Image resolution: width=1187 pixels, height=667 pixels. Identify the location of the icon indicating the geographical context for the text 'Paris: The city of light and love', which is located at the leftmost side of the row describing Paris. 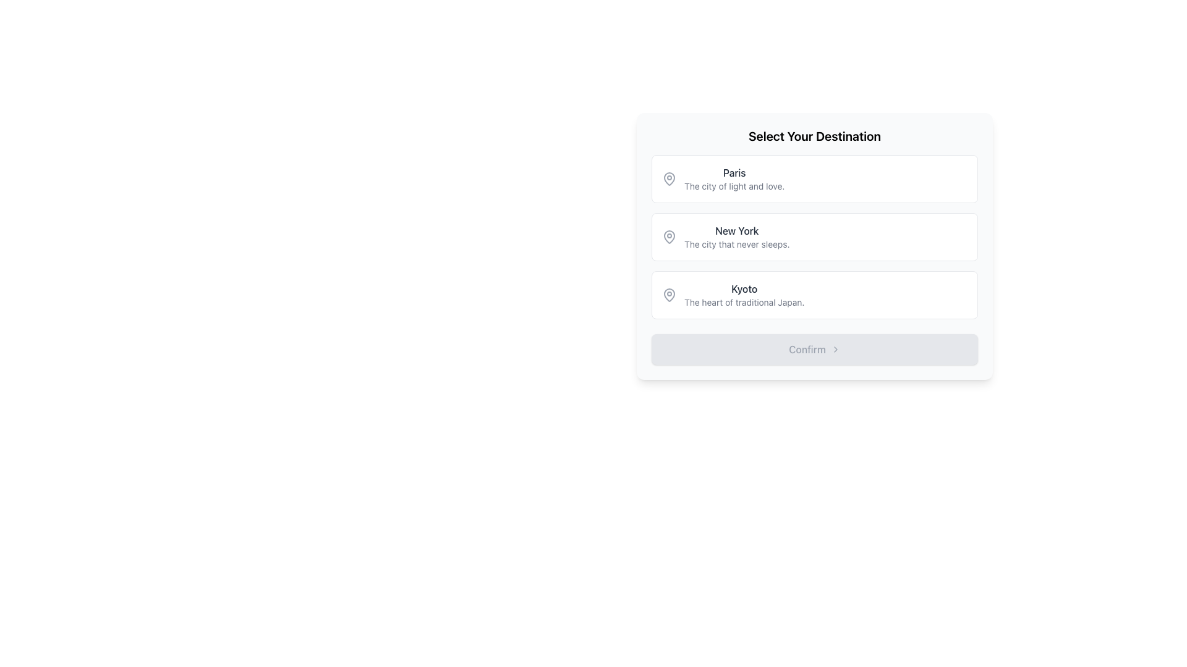
(669, 178).